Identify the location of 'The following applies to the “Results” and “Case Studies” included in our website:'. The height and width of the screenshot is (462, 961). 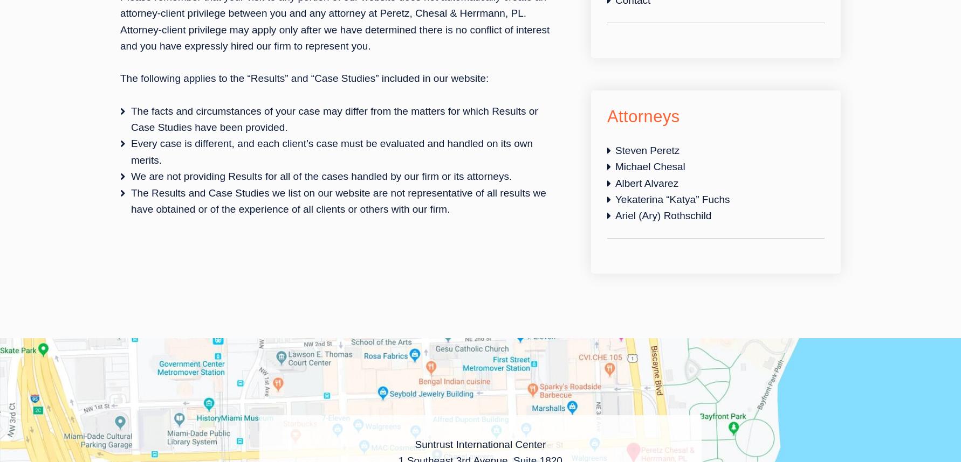
(304, 78).